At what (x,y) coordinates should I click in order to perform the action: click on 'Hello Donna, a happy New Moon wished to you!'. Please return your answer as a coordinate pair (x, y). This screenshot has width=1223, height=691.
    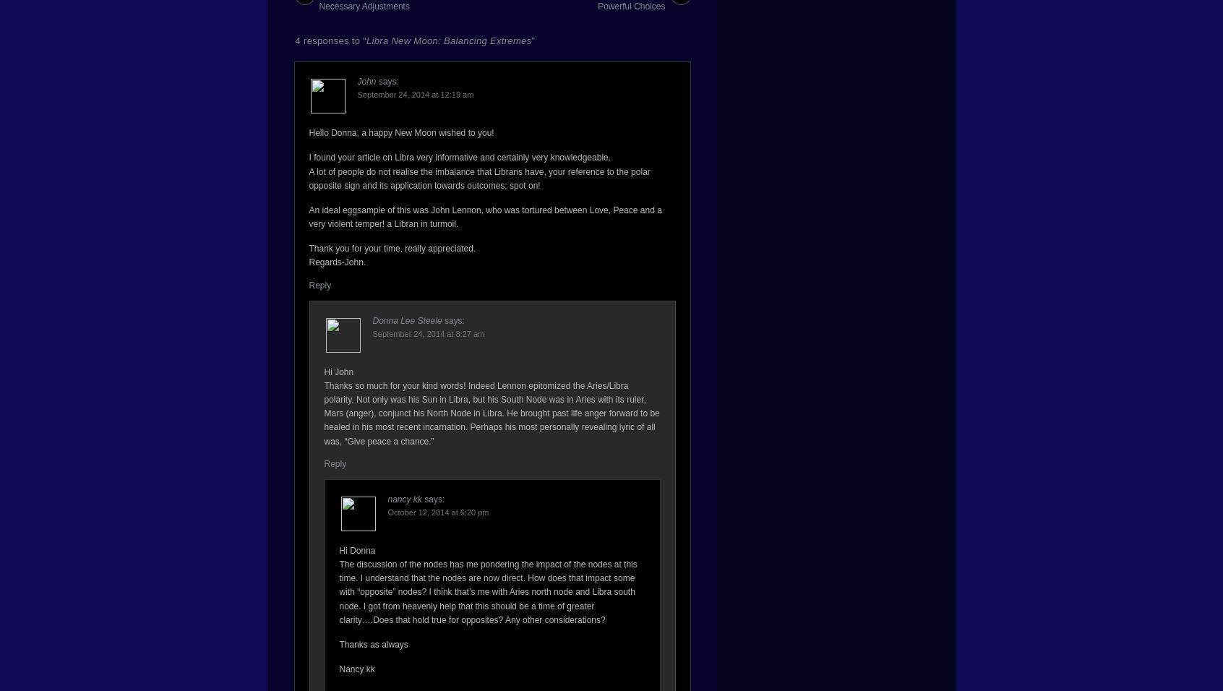
    Looking at the image, I should click on (308, 133).